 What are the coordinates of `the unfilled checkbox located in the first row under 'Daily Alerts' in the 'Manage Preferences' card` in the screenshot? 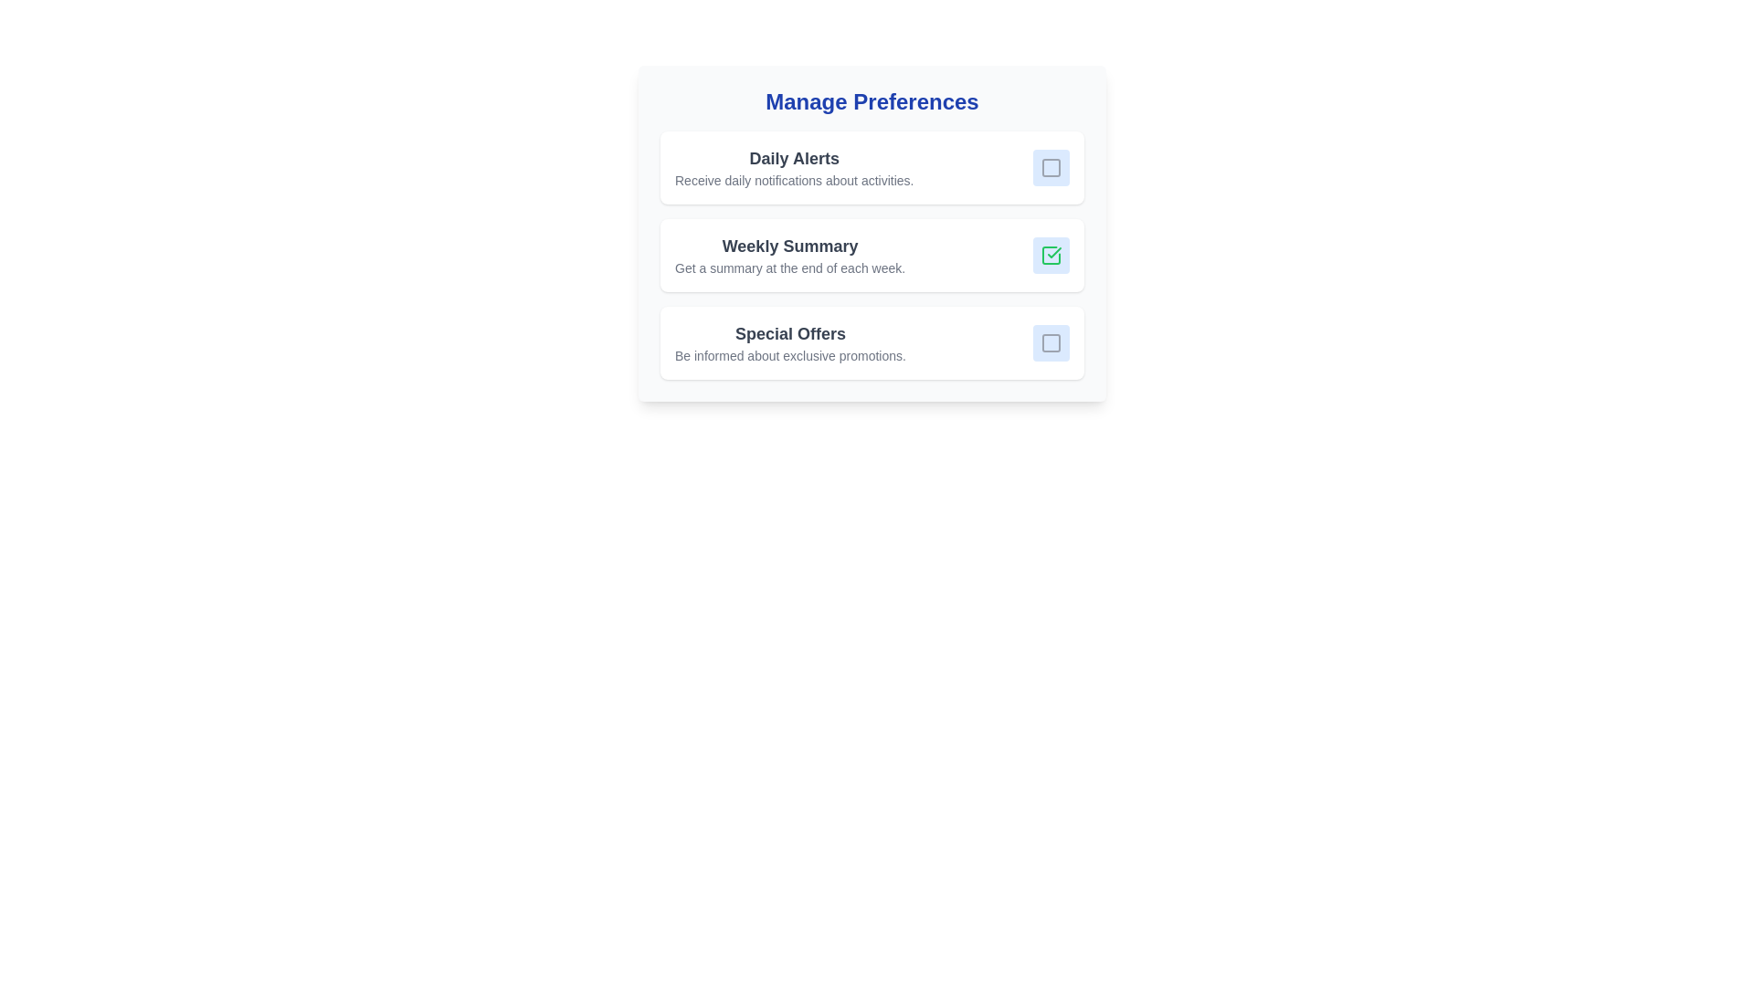 It's located at (1051, 168).